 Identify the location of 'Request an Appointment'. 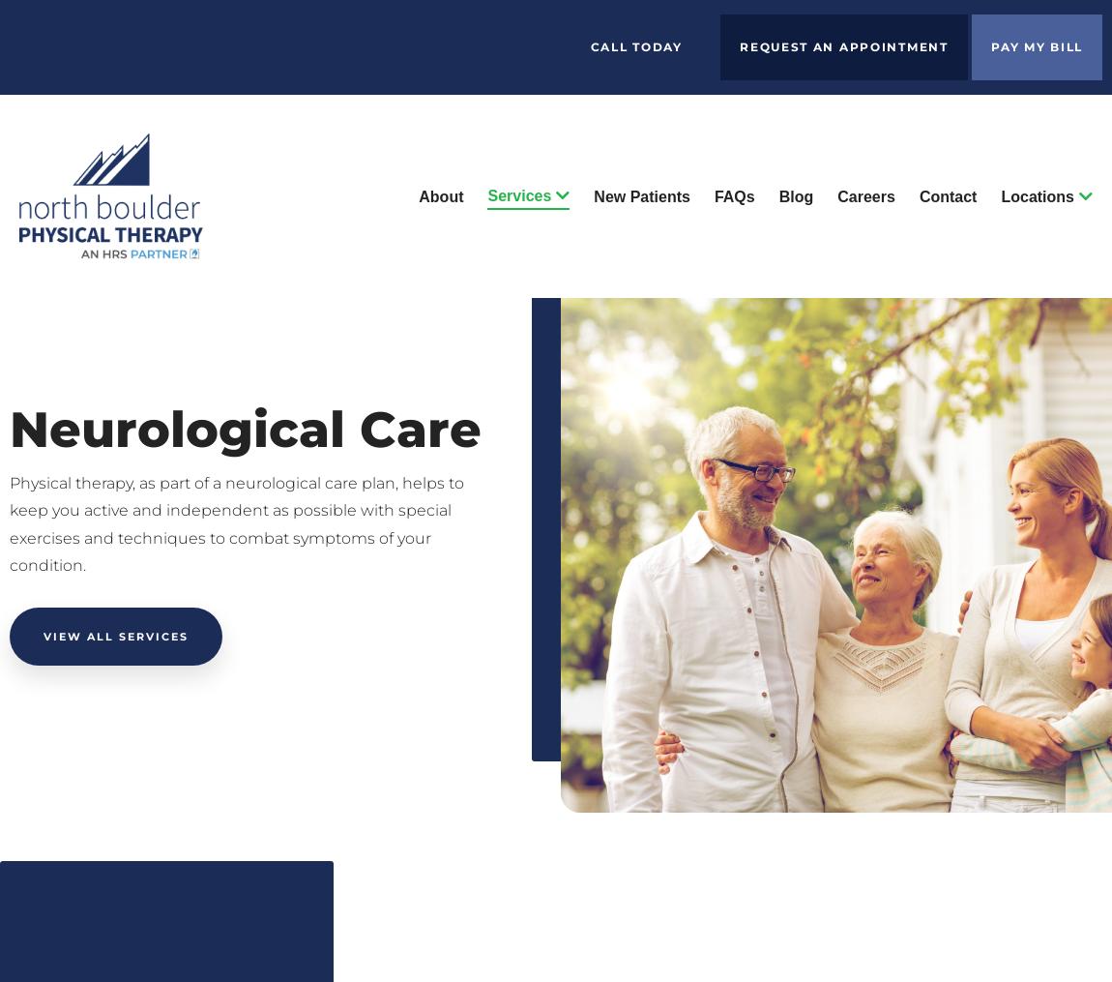
(843, 45).